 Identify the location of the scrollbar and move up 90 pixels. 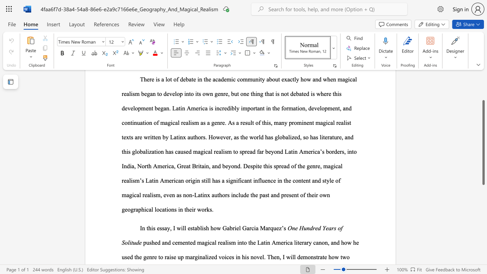
(483, 142).